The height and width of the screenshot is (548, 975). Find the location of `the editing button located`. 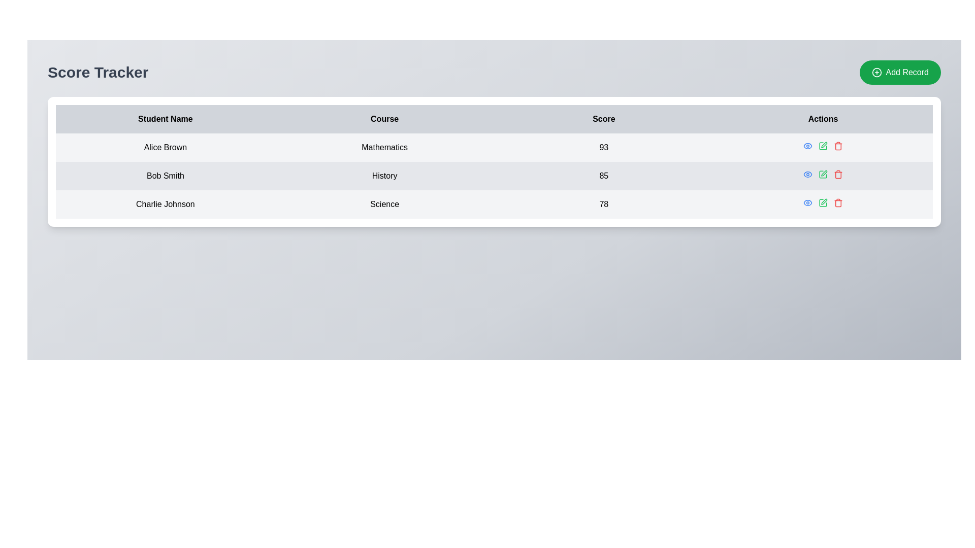

the editing button located is located at coordinates (823, 203).